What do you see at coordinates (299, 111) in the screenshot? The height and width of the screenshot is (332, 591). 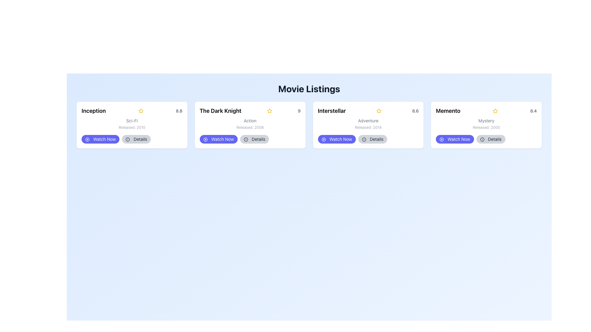 I see `the small text component displaying the number '9' in gray font, which is located within the movie card for 'The Dark Knight'` at bounding box center [299, 111].